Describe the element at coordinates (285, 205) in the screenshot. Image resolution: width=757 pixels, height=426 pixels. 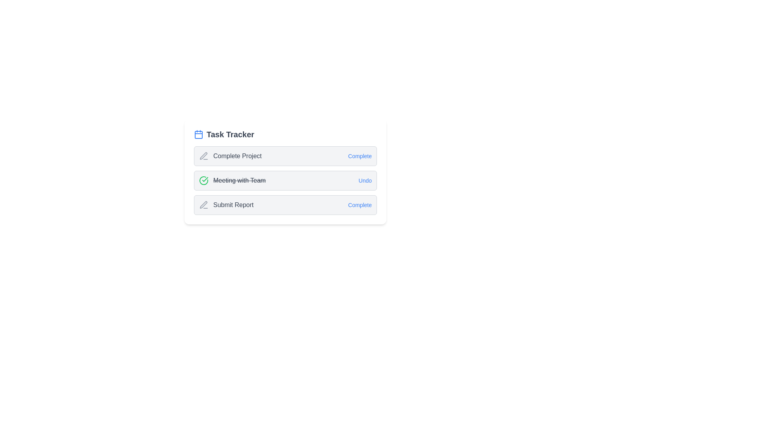
I see `the List item with interactive link labeled 'Complete'` at that location.